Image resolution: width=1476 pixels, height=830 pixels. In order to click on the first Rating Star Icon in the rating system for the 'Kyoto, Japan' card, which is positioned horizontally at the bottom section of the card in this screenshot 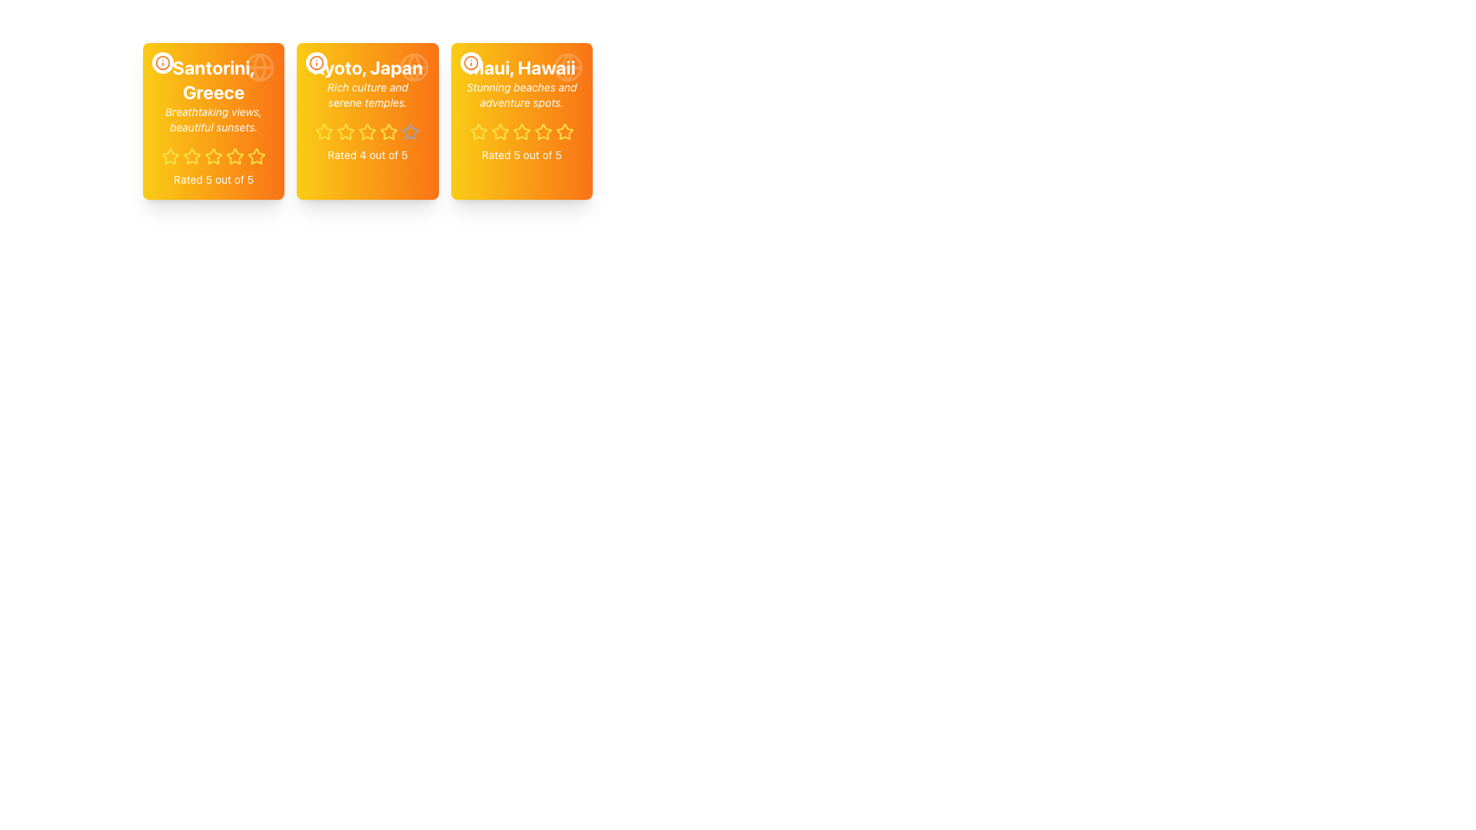, I will do `click(324, 131)`.